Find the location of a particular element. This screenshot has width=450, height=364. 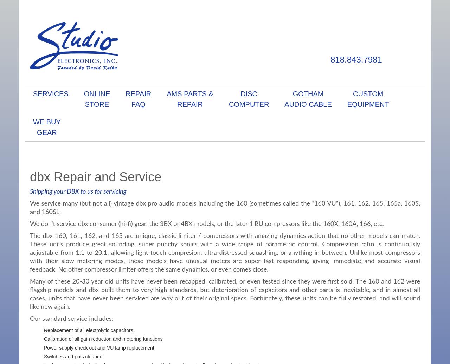

'We Buy' is located at coordinates (46, 122).